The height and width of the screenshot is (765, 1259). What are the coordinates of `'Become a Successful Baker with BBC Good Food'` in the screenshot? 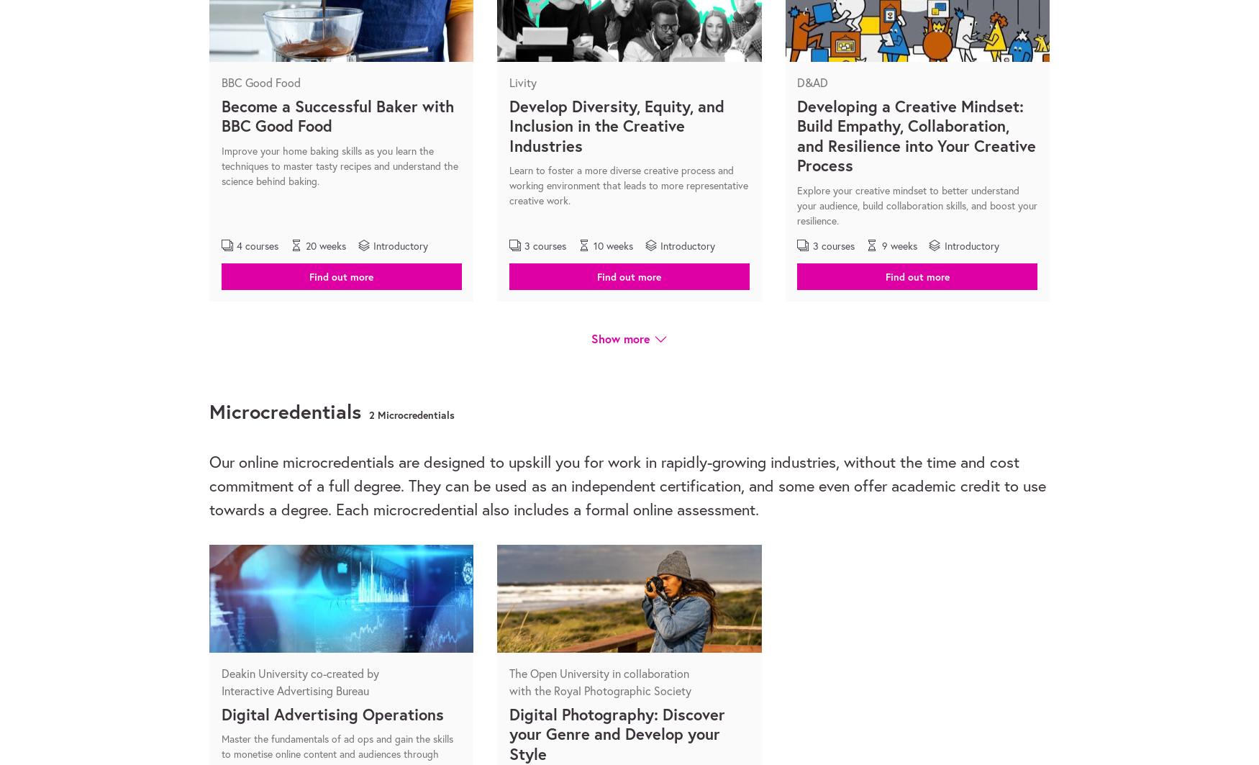 It's located at (337, 115).